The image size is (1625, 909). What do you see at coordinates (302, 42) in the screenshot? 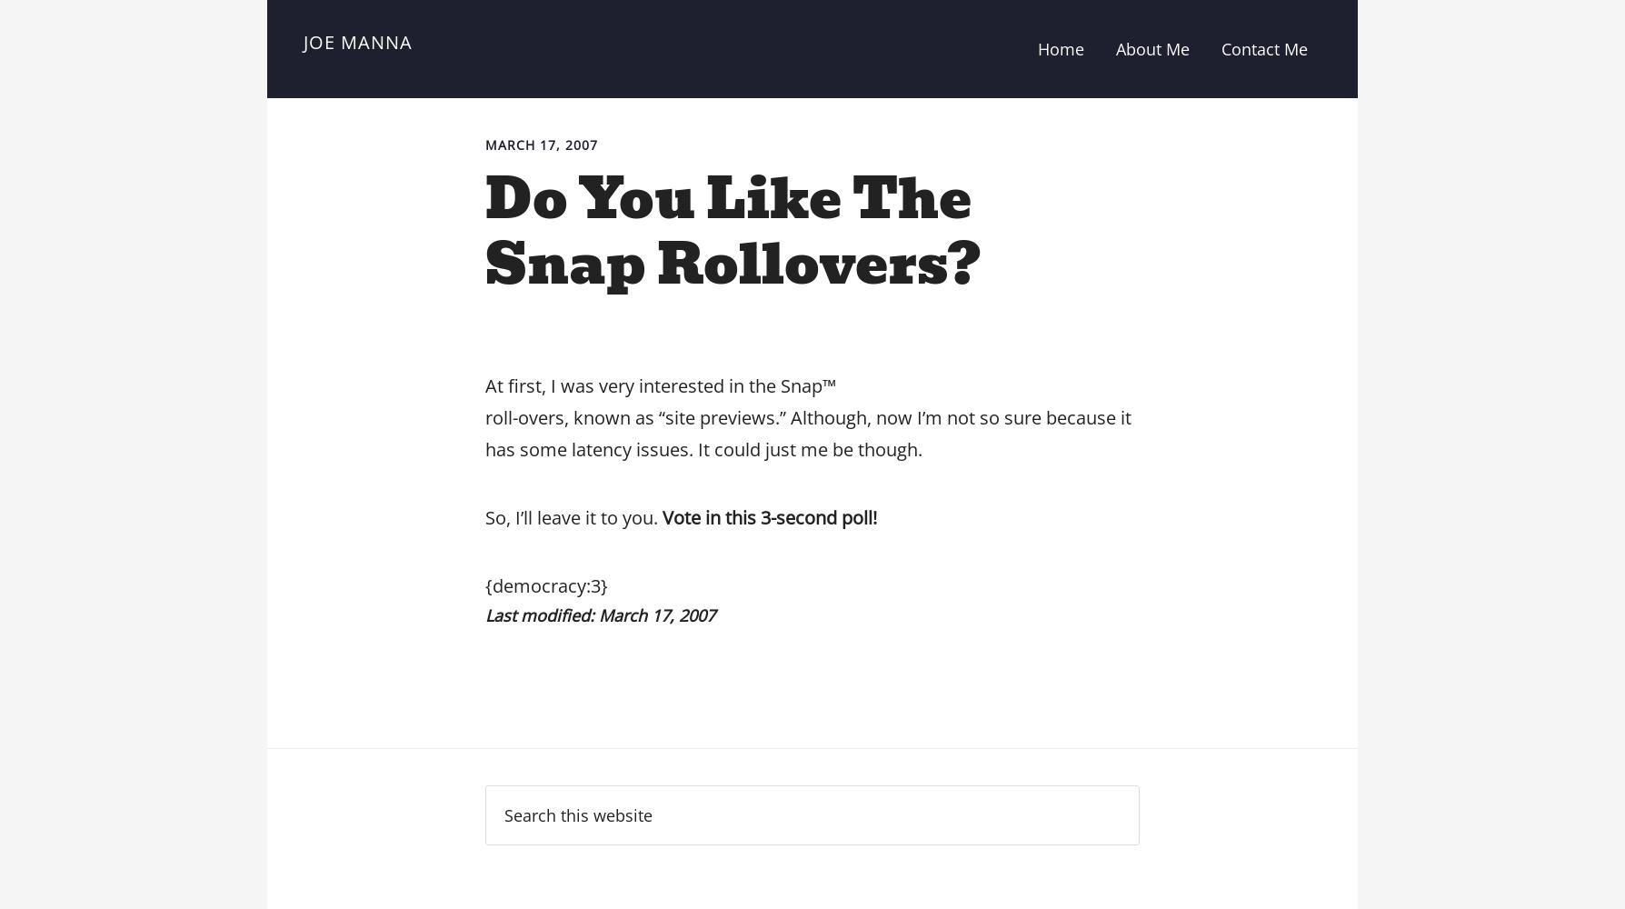
I see `'Joe Manna'` at bounding box center [302, 42].